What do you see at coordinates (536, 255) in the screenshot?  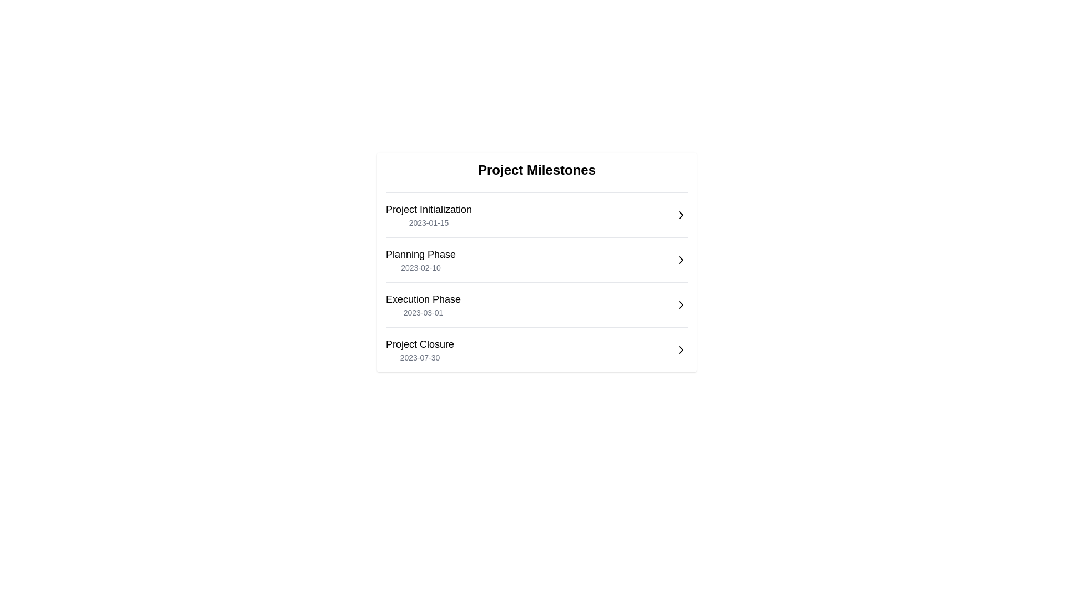 I see `the list item displaying 'Planning Phase' with the date '2023-02-10' and an actionable rightward arrow` at bounding box center [536, 255].